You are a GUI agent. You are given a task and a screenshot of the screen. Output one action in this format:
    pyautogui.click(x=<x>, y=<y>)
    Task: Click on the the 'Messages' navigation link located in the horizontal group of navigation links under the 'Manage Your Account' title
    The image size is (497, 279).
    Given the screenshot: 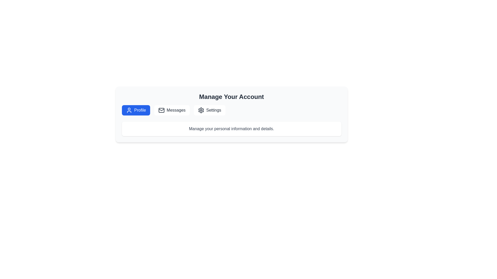 What is the action you would take?
    pyautogui.click(x=231, y=110)
    